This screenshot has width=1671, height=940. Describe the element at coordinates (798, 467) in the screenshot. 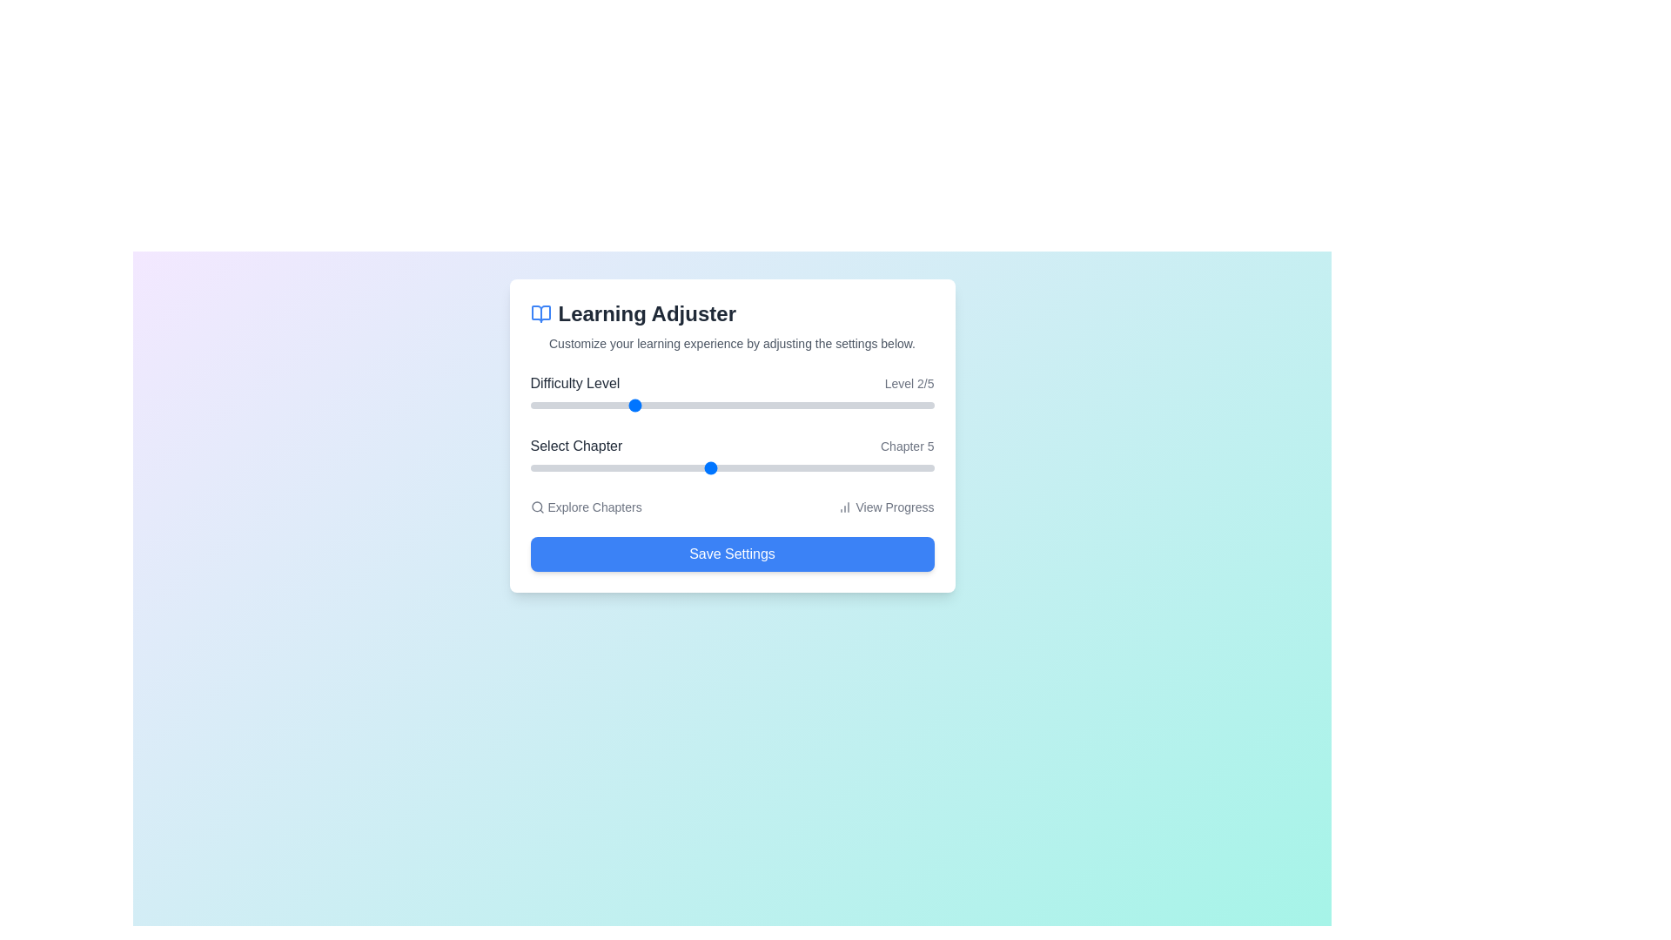

I see `the chapter` at that location.